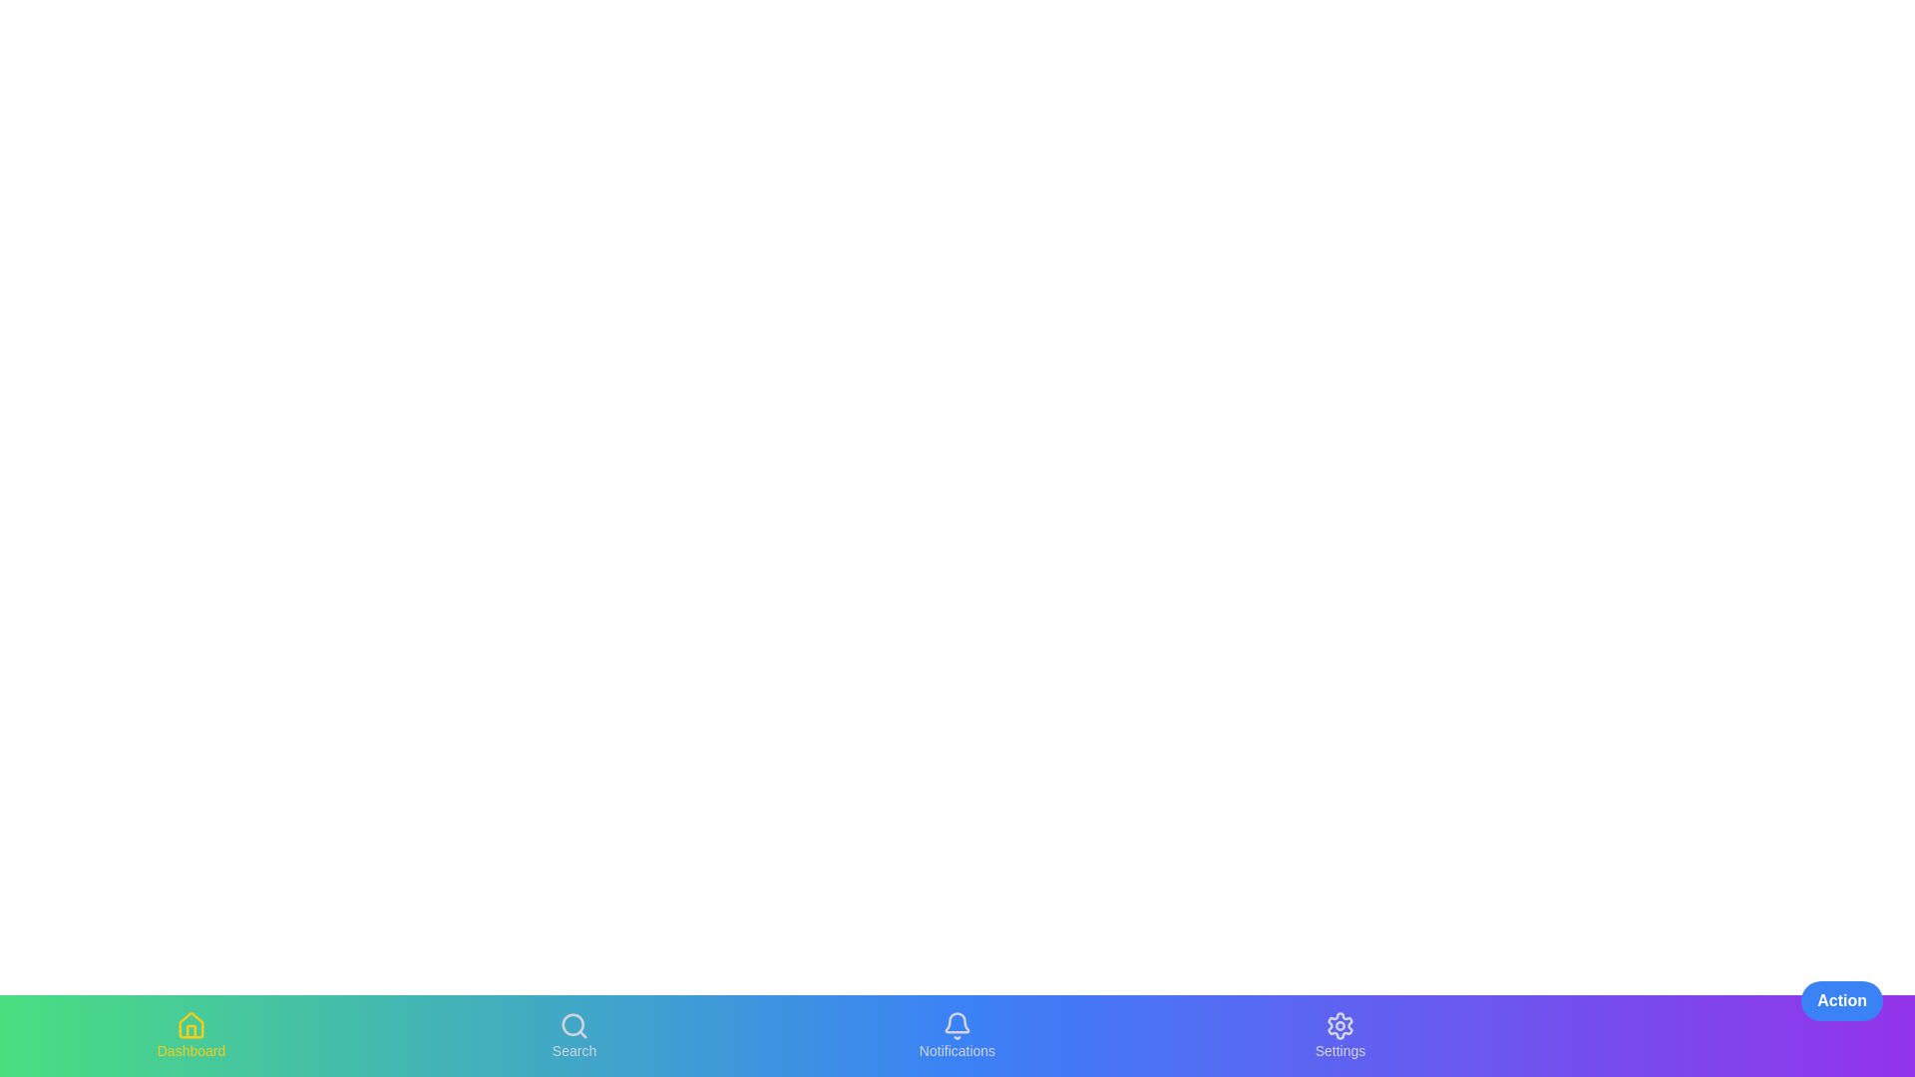 The height and width of the screenshot is (1077, 1915). What do you see at coordinates (574, 1034) in the screenshot?
I see `the navigation item labeled Search from the bottom bar` at bounding box center [574, 1034].